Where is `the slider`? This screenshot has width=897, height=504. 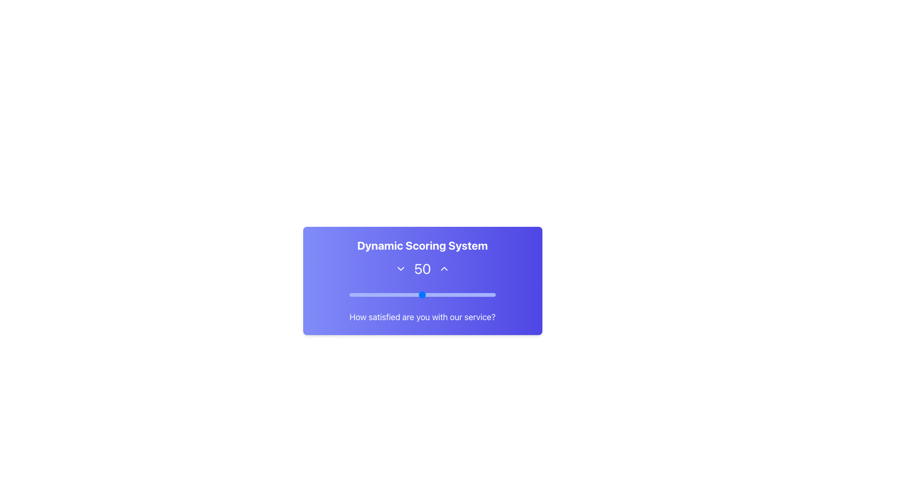
the slider is located at coordinates (435, 293).